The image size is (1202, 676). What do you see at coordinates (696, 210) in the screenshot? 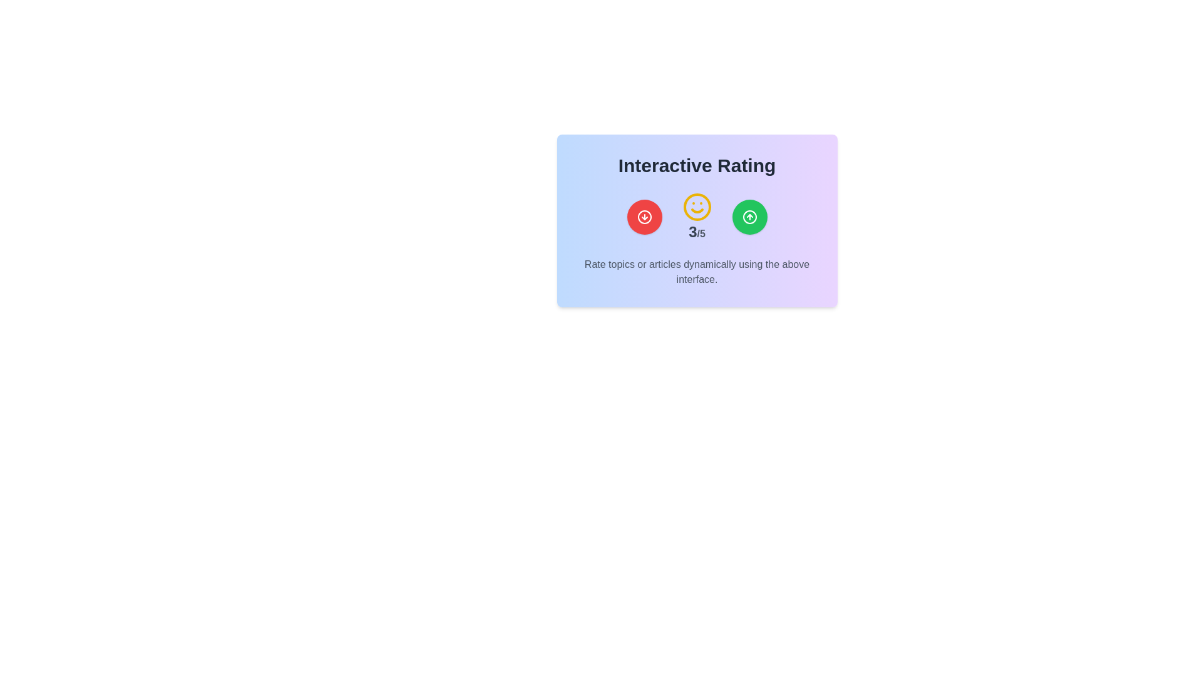
I see `the mouth curve of the smiley face graphic, which is located centrally in the card interface below the 'Interactive Rating' title` at bounding box center [696, 210].